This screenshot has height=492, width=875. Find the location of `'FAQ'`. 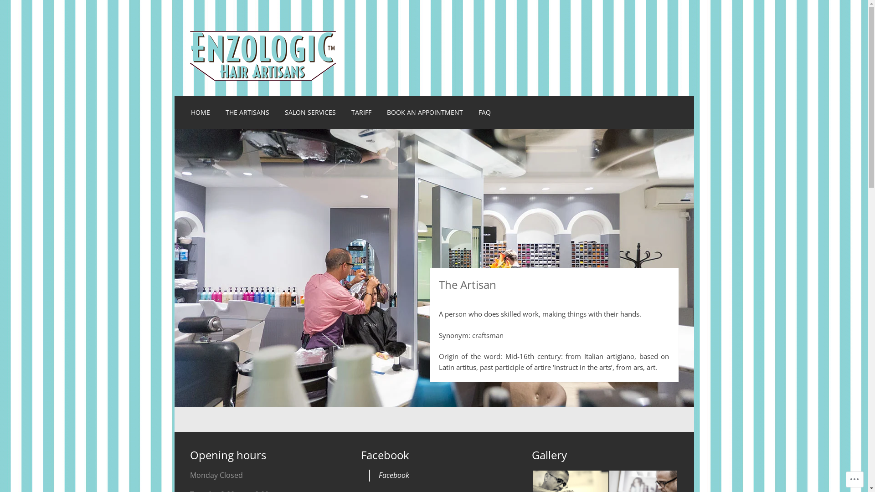

'FAQ' is located at coordinates (484, 112).